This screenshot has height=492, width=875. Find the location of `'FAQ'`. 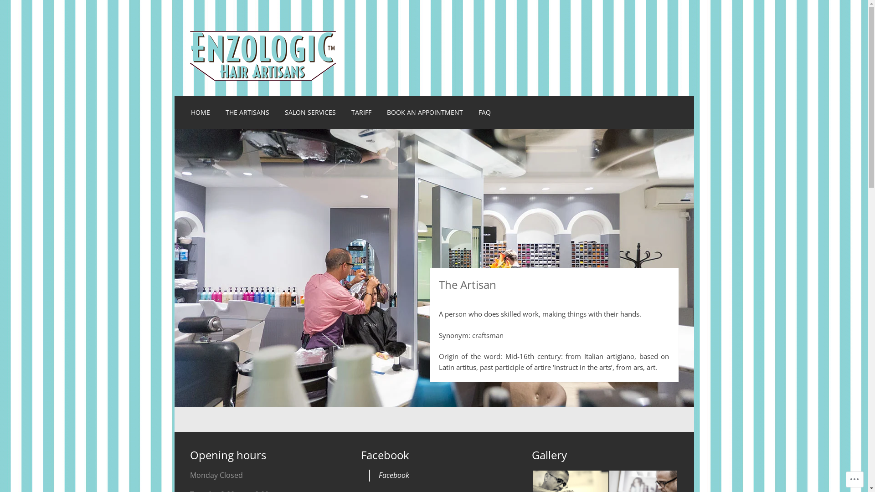

'FAQ' is located at coordinates (484, 112).